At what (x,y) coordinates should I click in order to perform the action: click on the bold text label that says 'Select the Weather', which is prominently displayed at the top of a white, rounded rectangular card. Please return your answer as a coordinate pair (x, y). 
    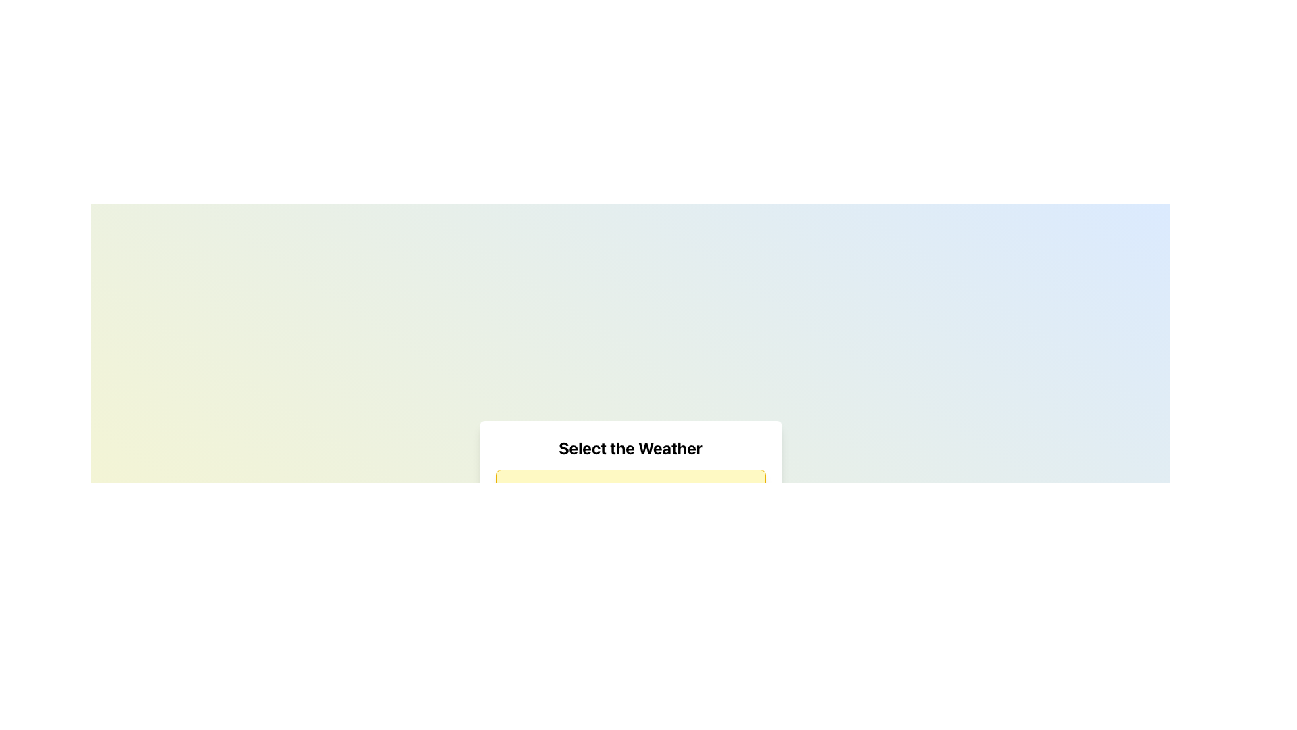
    Looking at the image, I should click on (630, 448).